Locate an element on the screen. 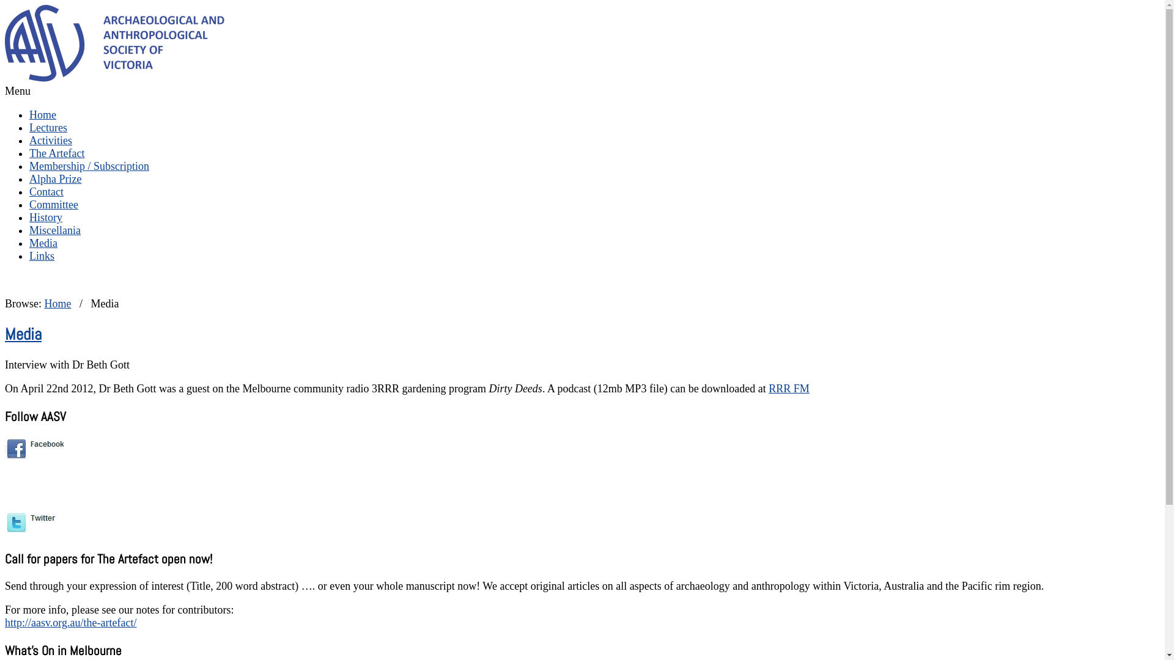 This screenshot has width=1174, height=660. 'Activities' is located at coordinates (29, 140).